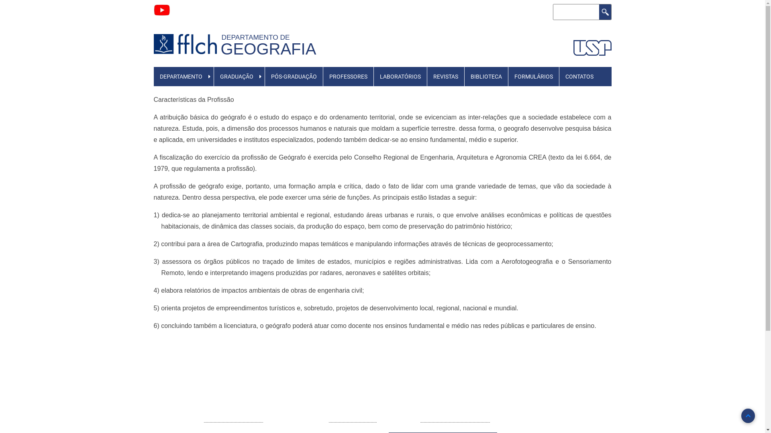  I want to click on 'Buscar', so click(605, 12).